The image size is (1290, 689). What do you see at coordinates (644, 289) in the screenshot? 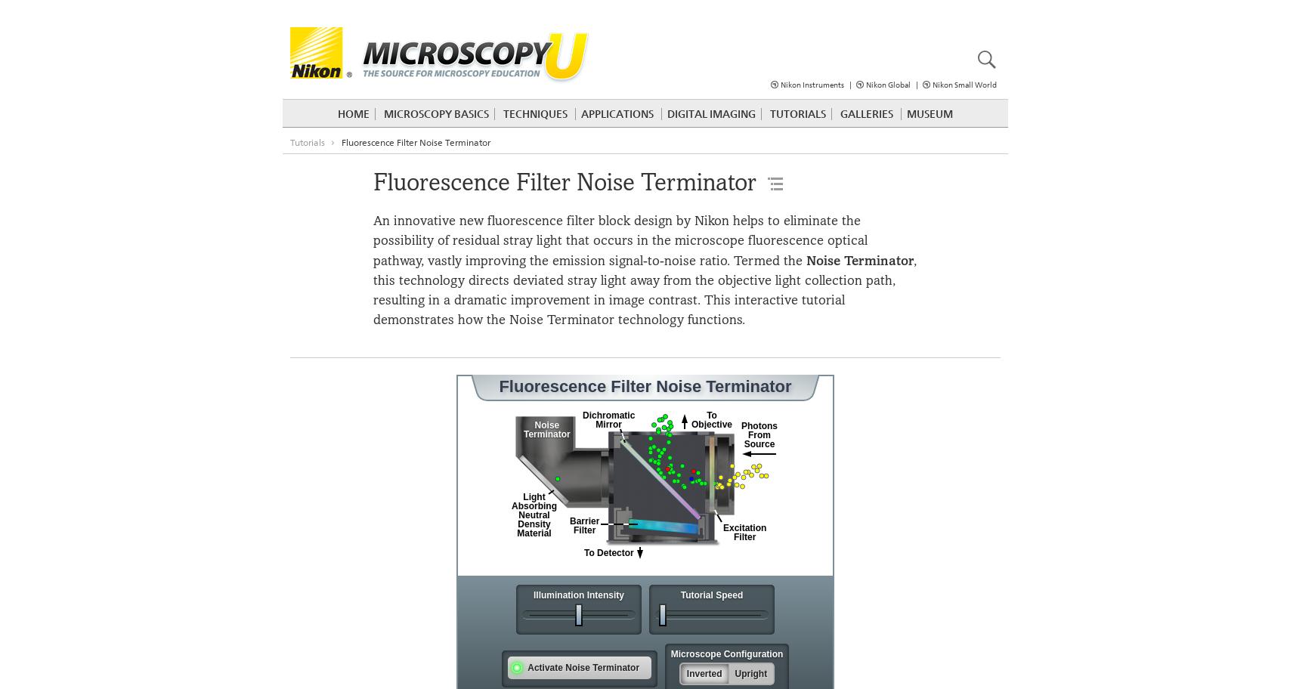
I see `', this technology directs deviated stray light away from the objective light collection path, resulting in a dramatic improvement in image contrast. This interactive tutorial demonstrates how the Noise Terminator technology functions.'` at bounding box center [644, 289].